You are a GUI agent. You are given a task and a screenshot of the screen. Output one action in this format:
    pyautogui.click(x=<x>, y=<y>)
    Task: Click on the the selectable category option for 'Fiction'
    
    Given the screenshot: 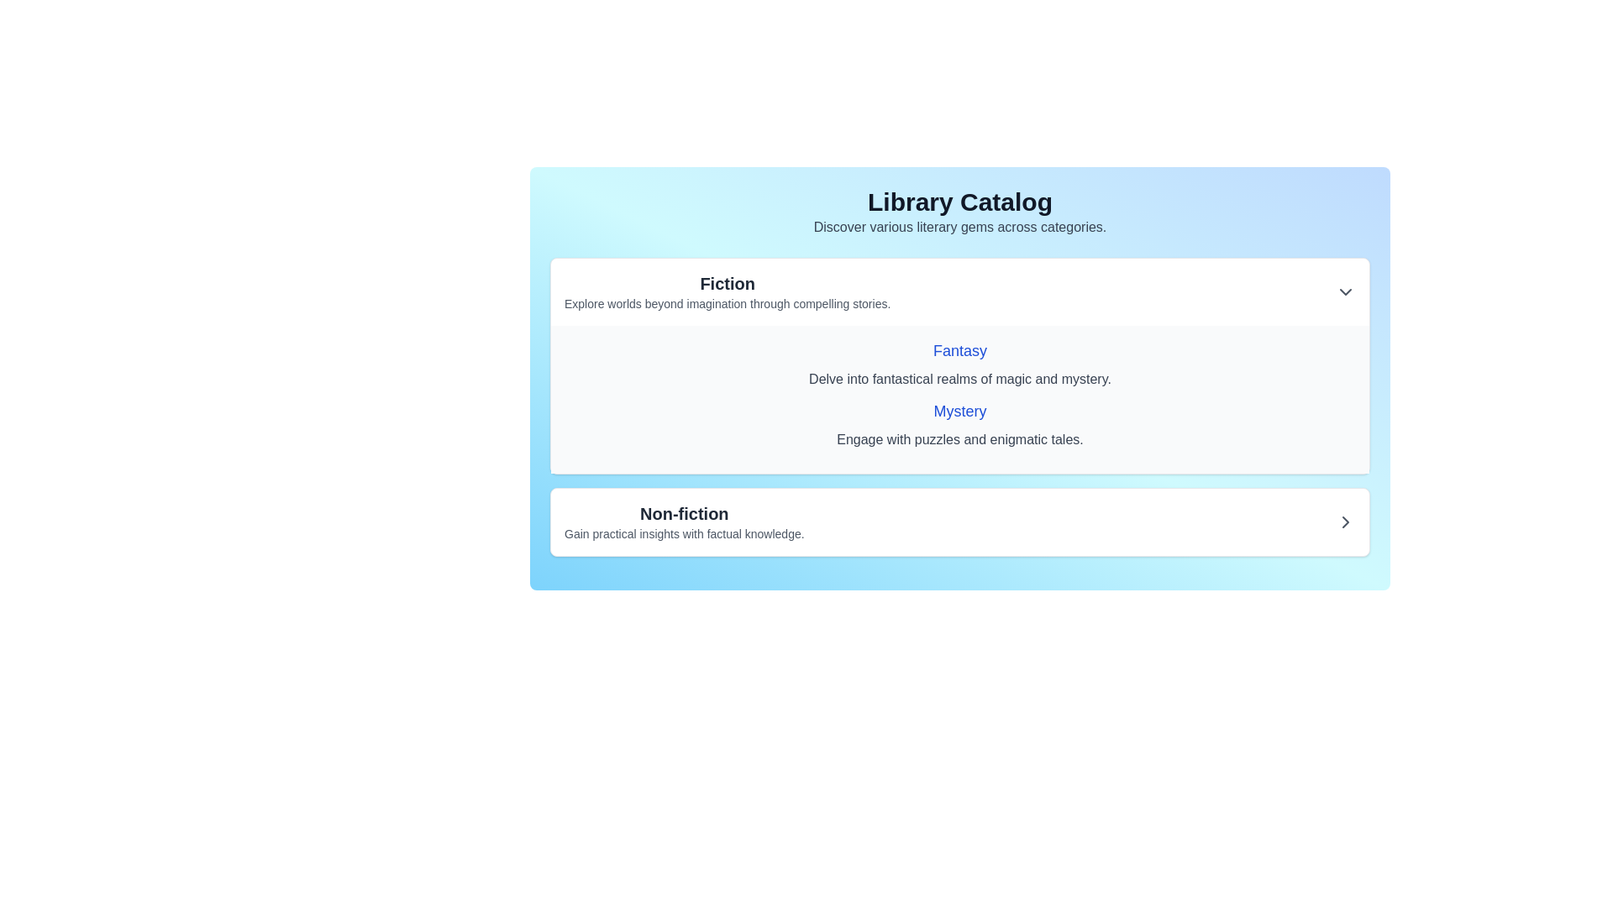 What is the action you would take?
    pyautogui.click(x=728, y=291)
    